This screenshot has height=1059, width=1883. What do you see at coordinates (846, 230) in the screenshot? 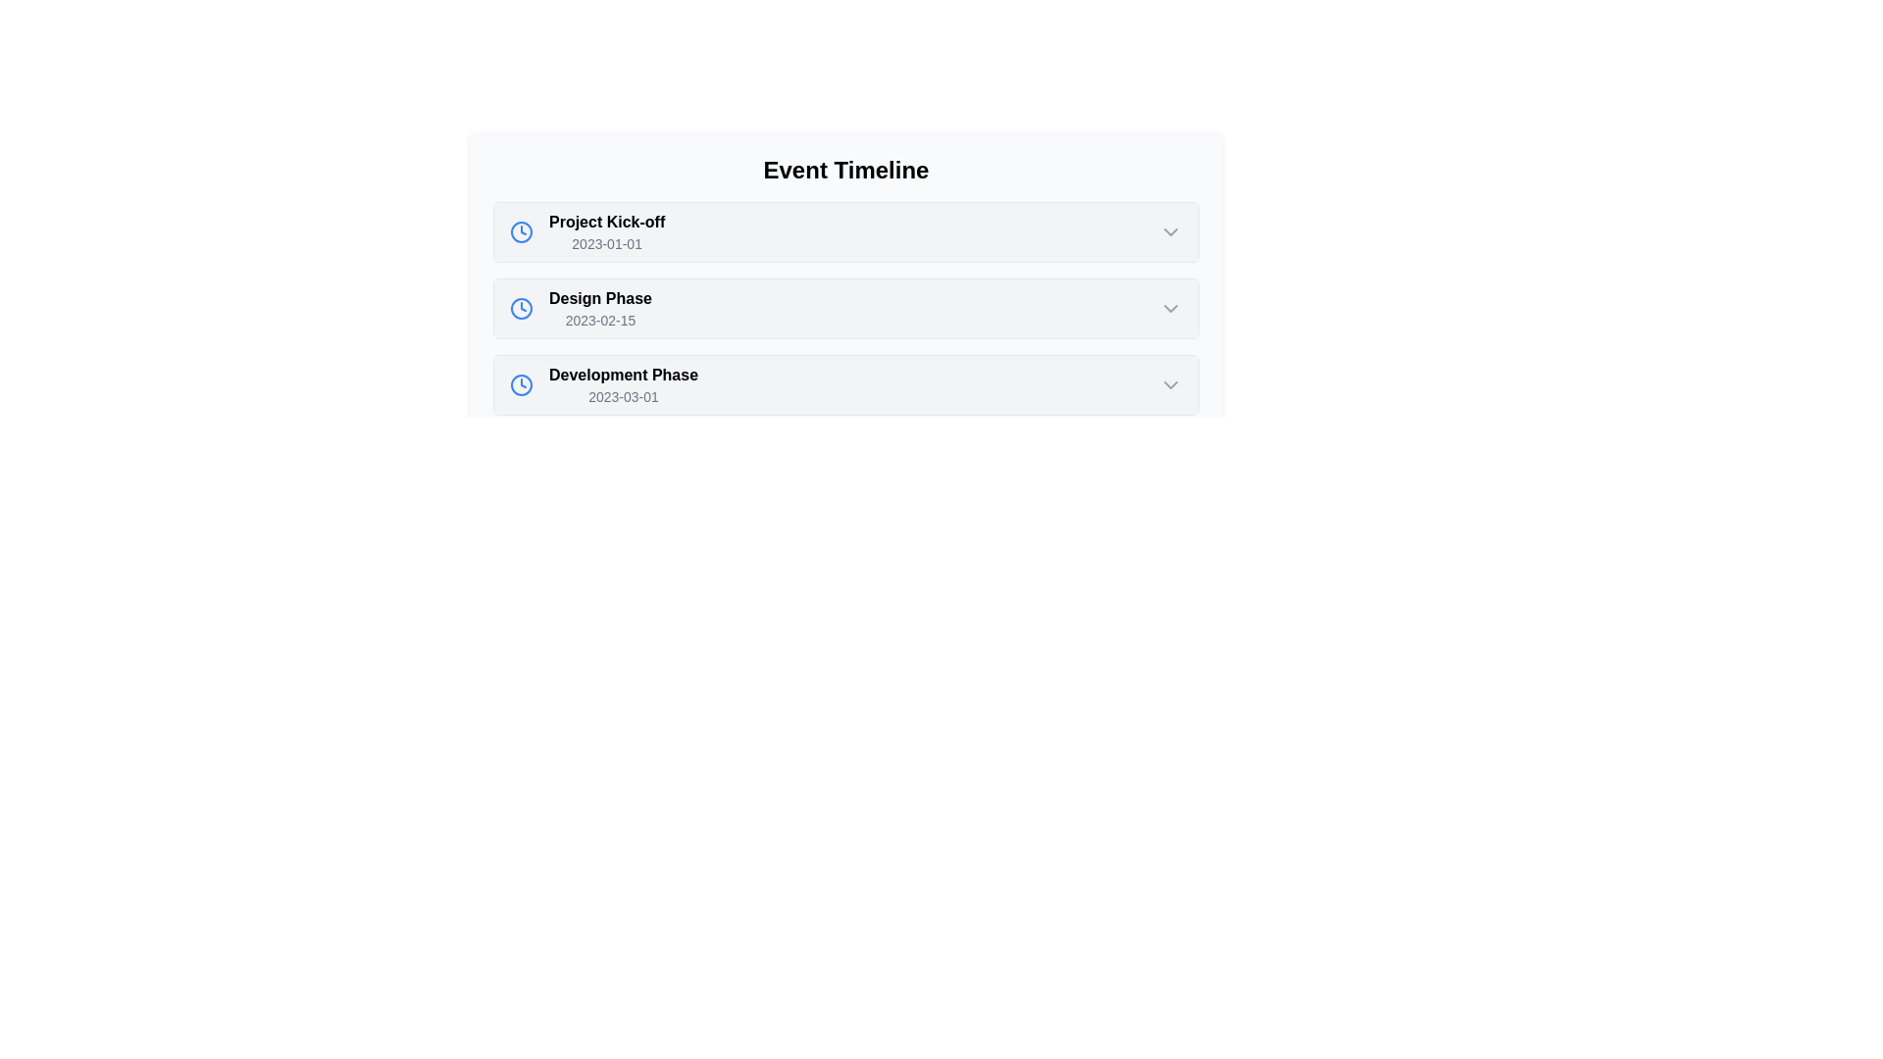
I see `the first timeline entry in the 'Event Timeline' section titled 'Project Kick-off'` at bounding box center [846, 230].